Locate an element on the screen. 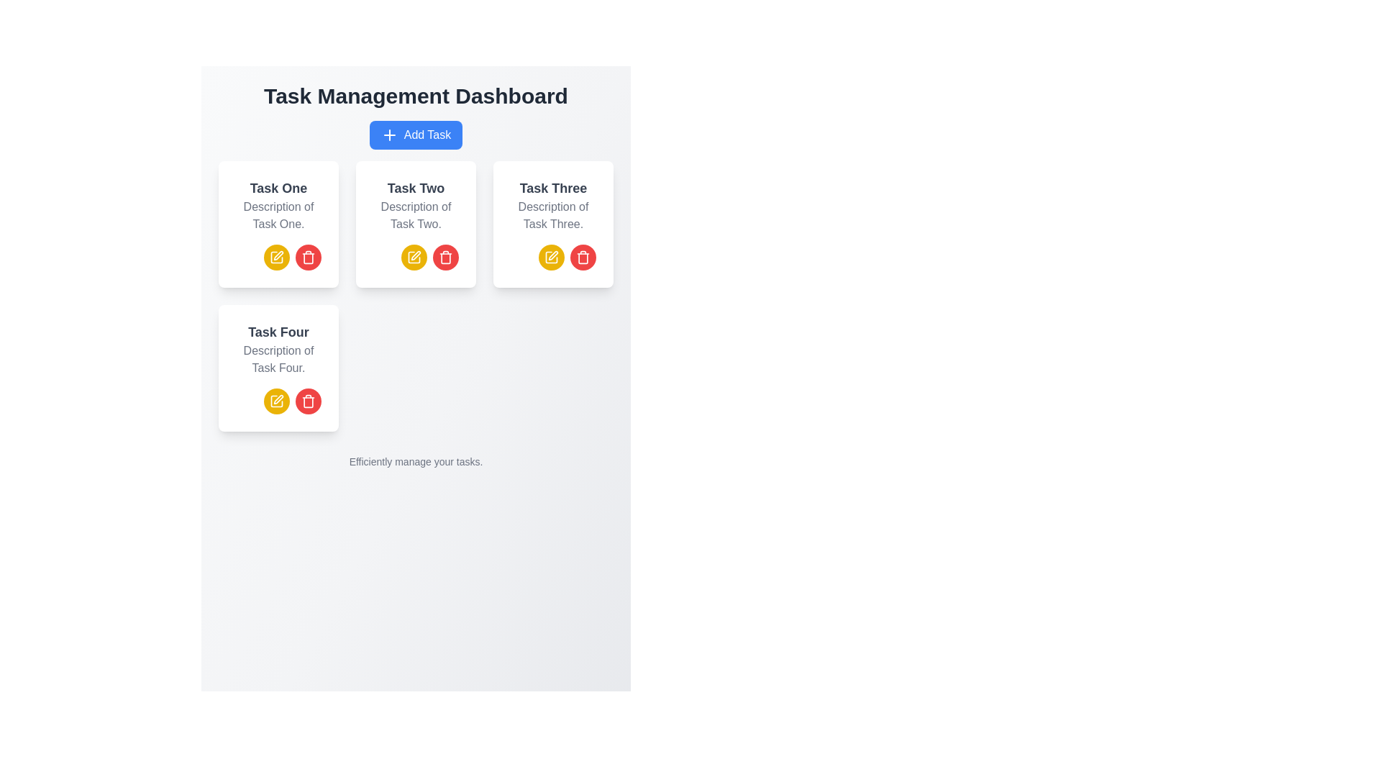 Image resolution: width=1381 pixels, height=777 pixels. the yellow pen icon in the 'Task Two' section is located at coordinates (415, 255).